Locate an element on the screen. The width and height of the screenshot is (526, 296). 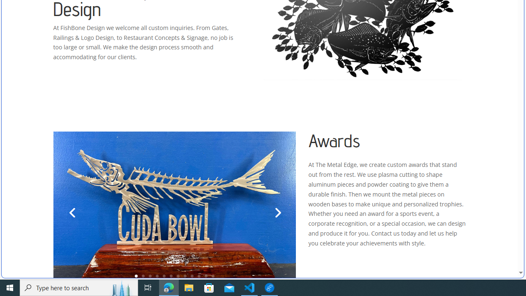
'11' is located at coordinates (206, 276).